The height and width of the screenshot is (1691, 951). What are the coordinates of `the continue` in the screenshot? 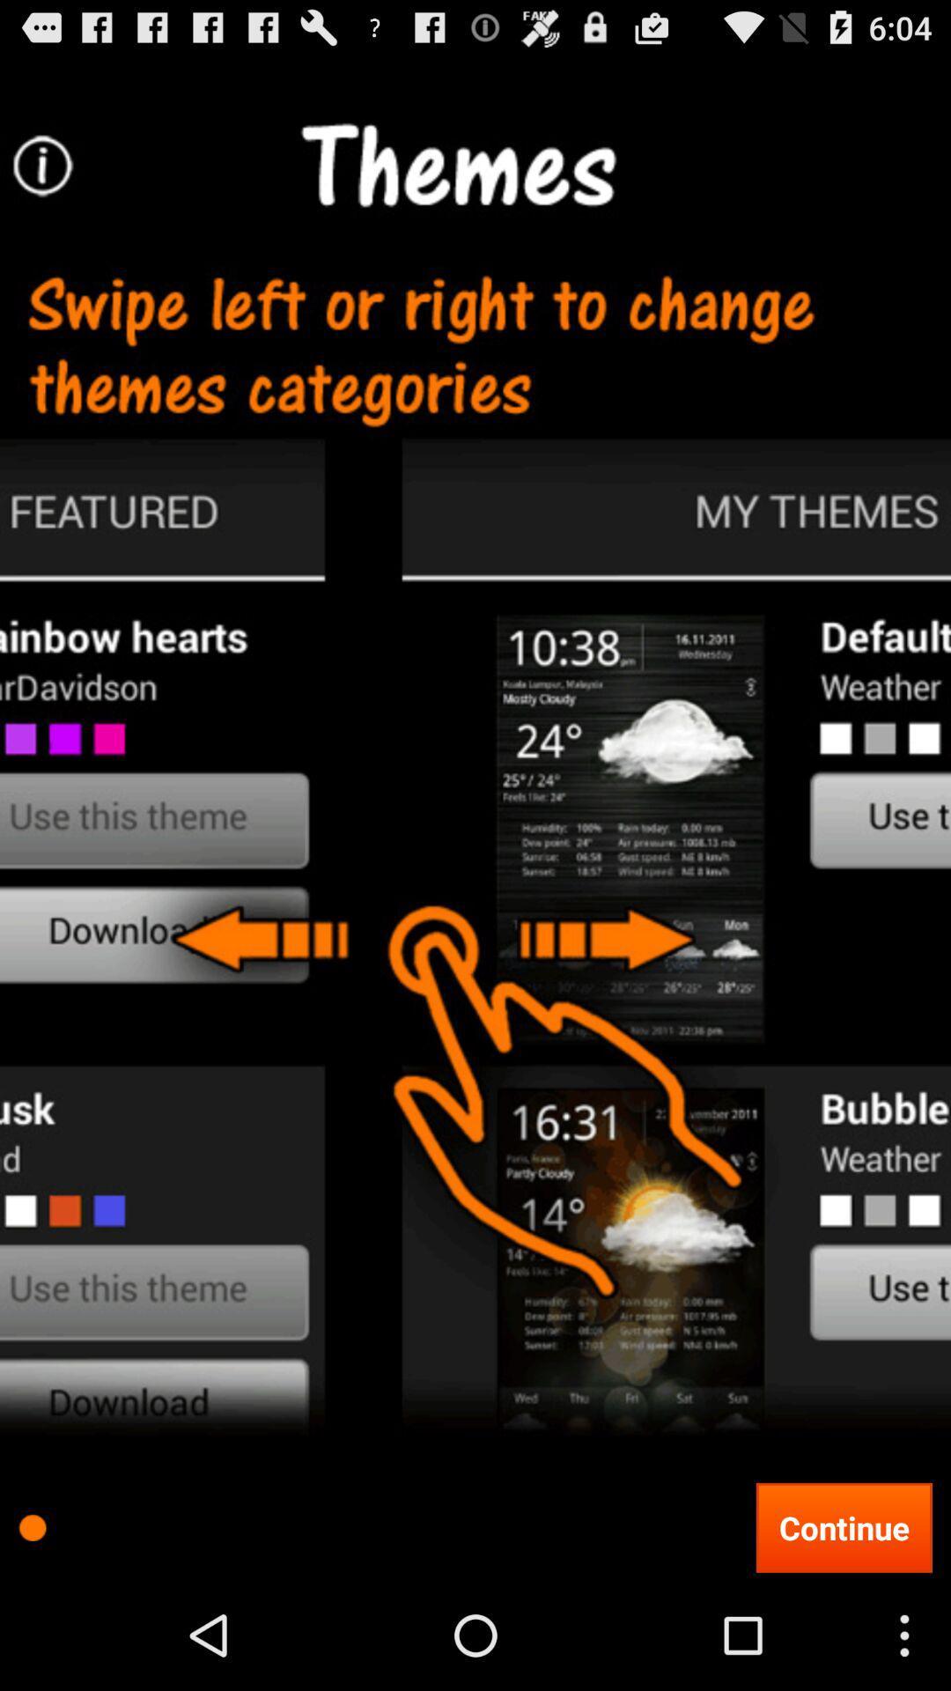 It's located at (843, 1526).